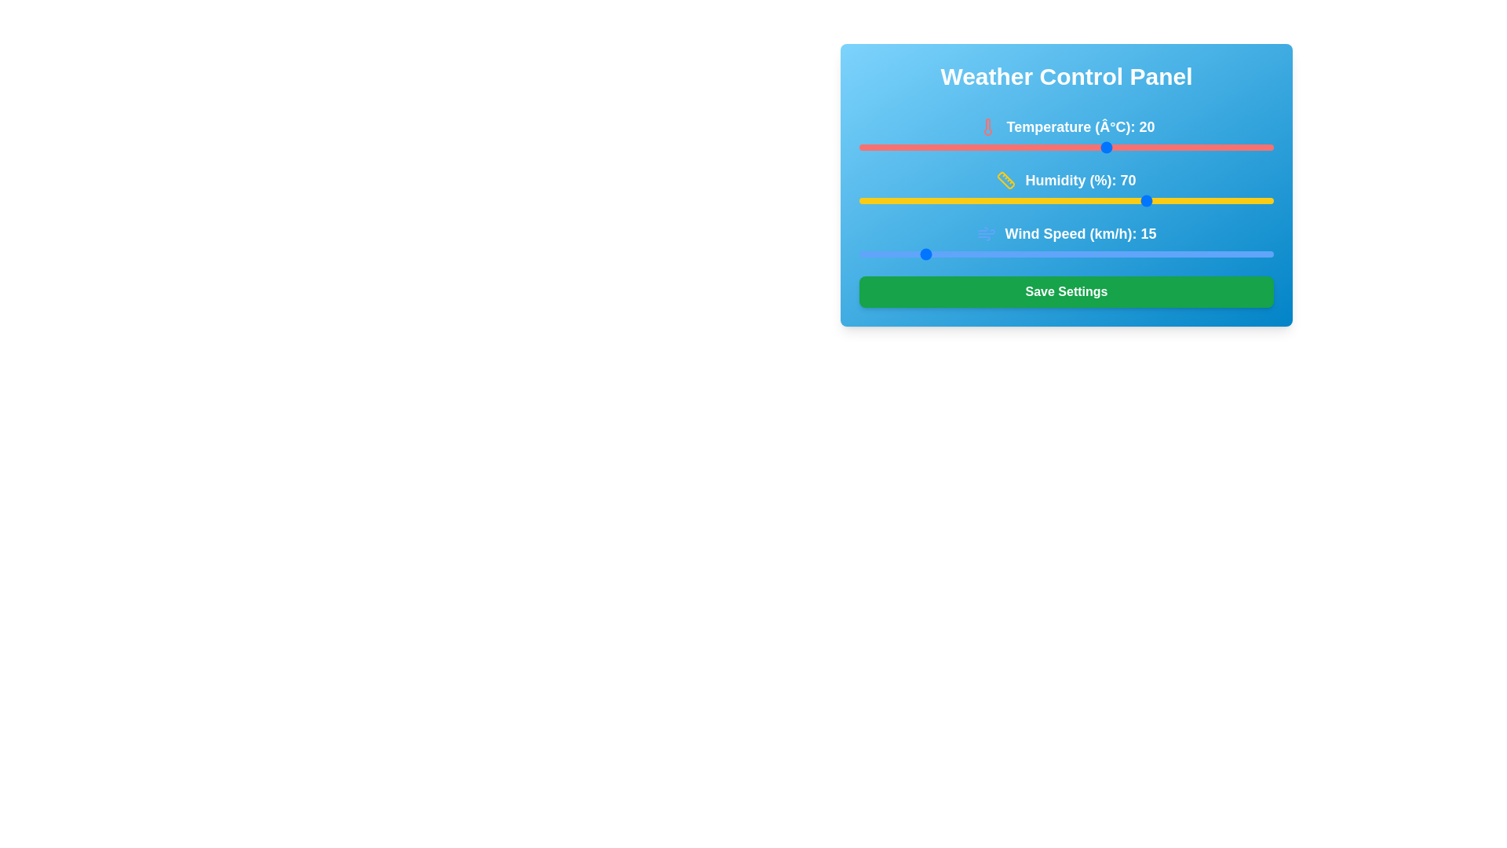  What do you see at coordinates (1133, 148) in the screenshot?
I see `the temperature slider` at bounding box center [1133, 148].